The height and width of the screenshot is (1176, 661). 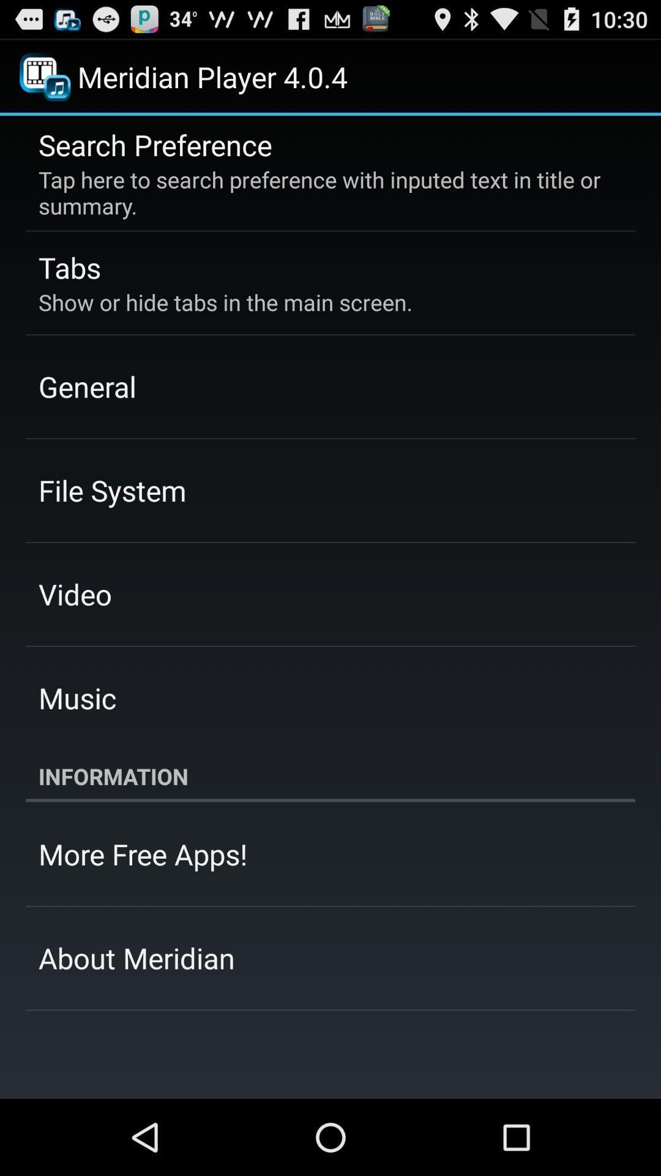 What do you see at coordinates (112, 490) in the screenshot?
I see `the icon above video item` at bounding box center [112, 490].